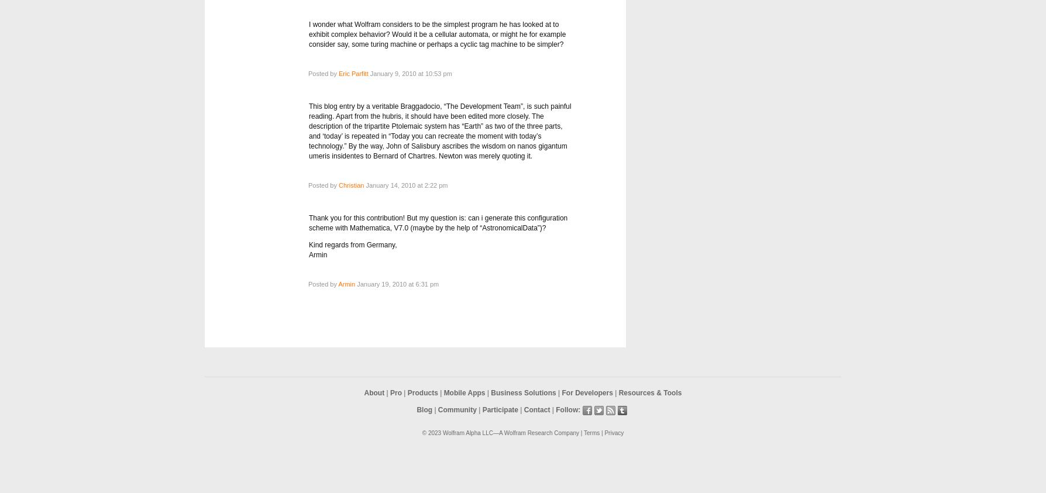  I want to click on '—A', so click(491, 433).